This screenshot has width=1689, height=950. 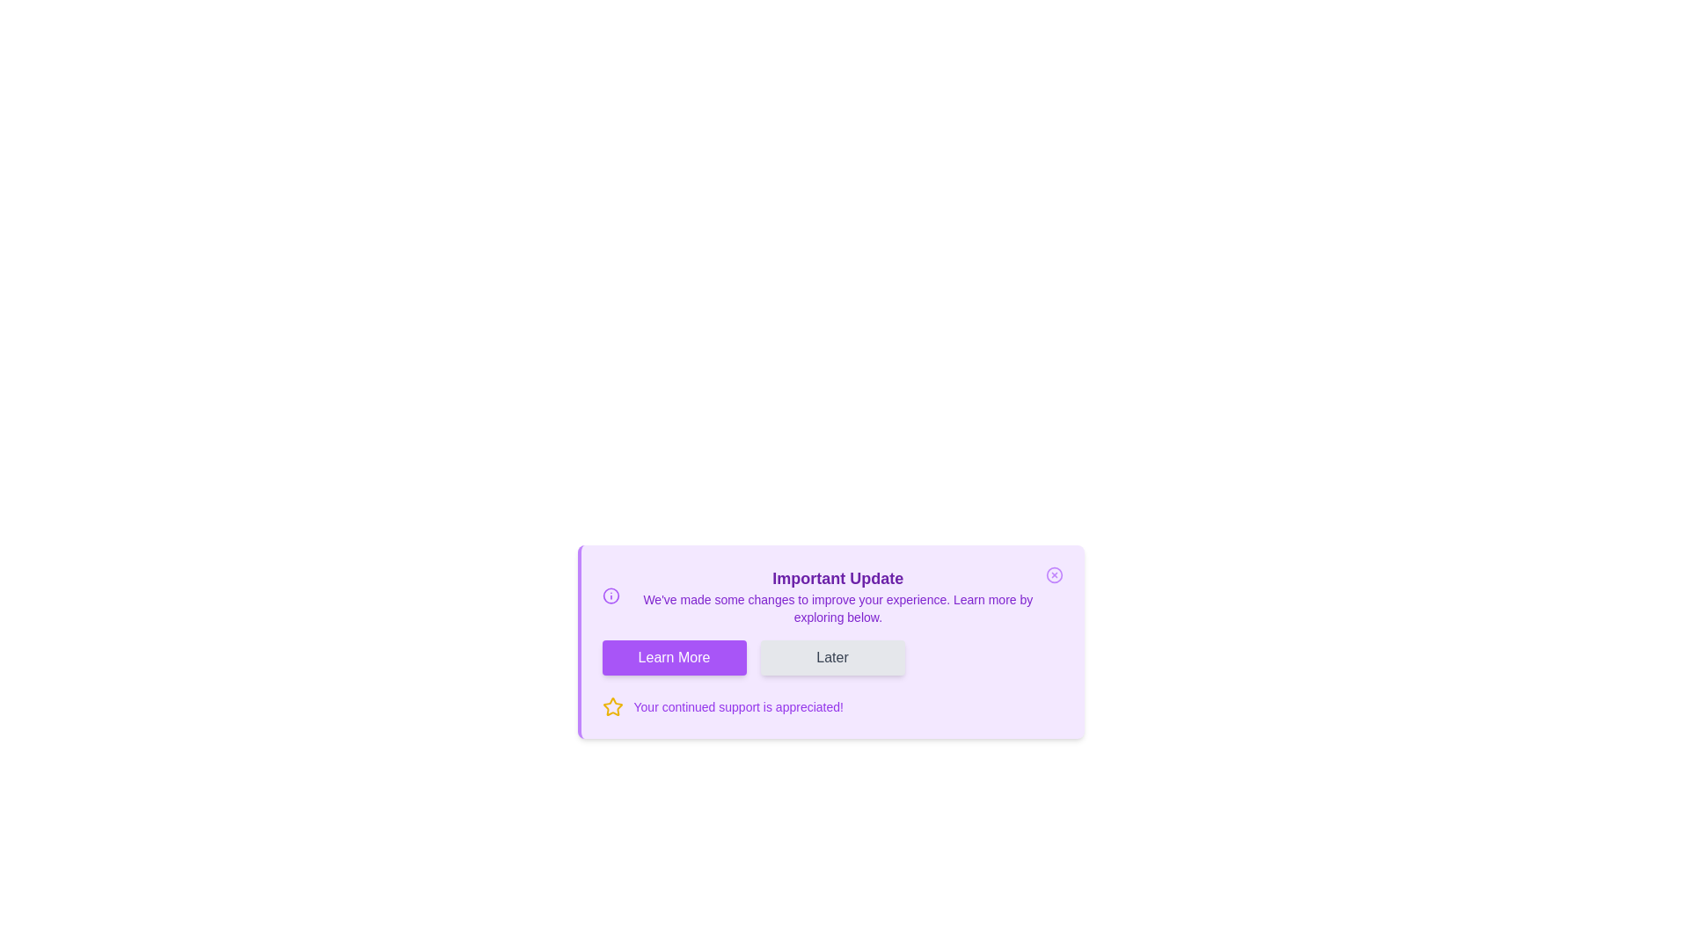 What do you see at coordinates (830, 641) in the screenshot?
I see `the notification component by clicking on its center` at bounding box center [830, 641].